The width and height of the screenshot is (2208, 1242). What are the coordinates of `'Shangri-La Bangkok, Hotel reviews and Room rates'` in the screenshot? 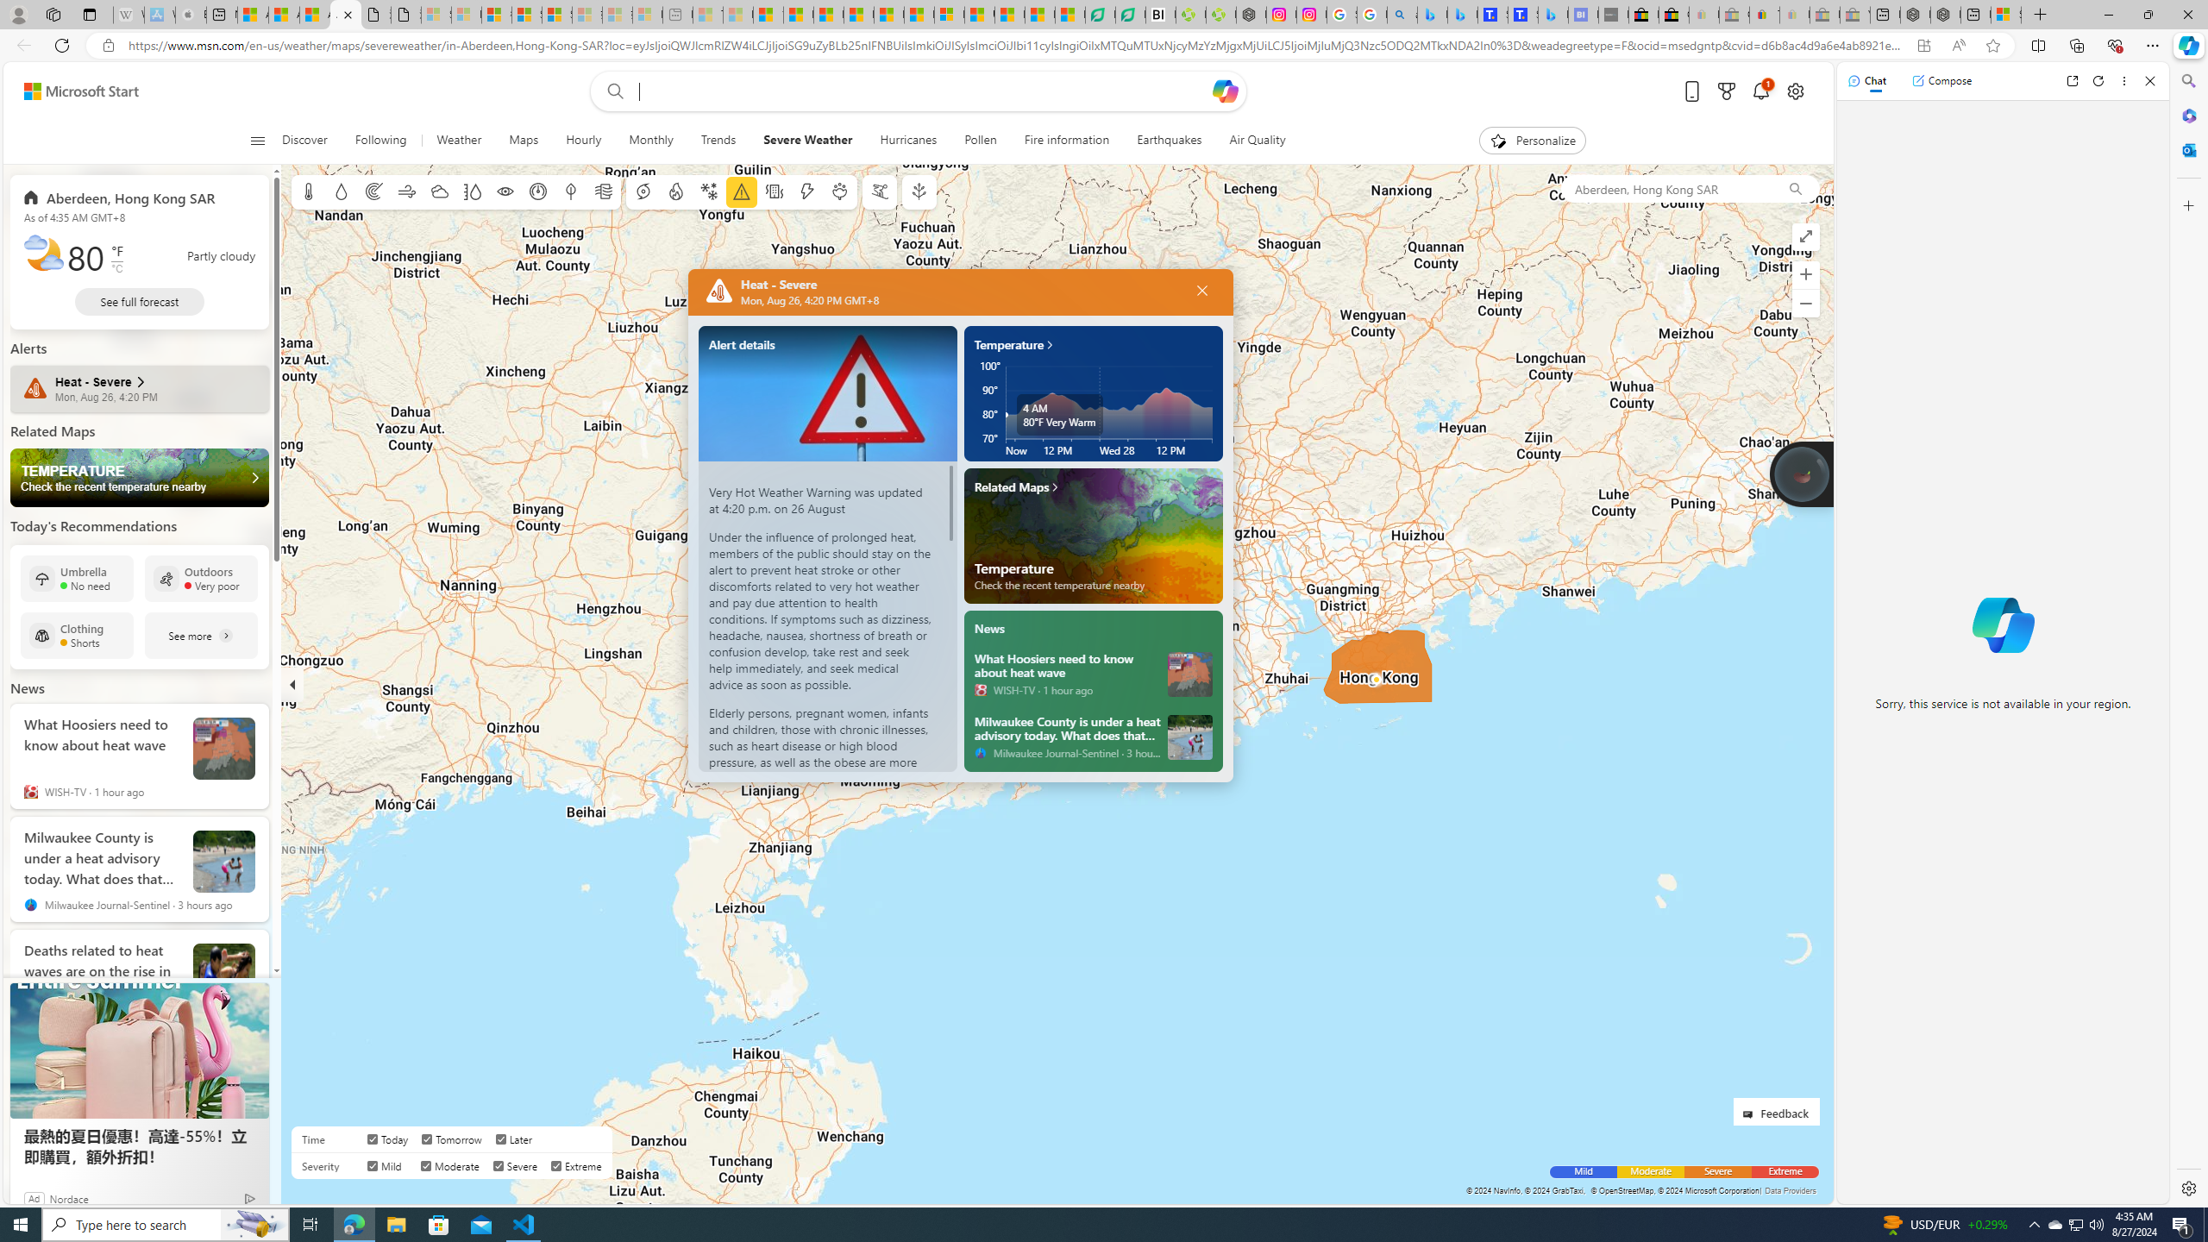 It's located at (1522, 14).